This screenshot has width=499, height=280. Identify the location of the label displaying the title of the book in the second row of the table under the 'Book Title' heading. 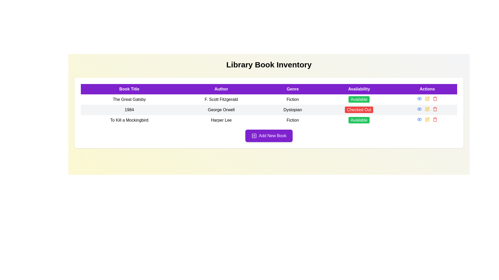
(129, 110).